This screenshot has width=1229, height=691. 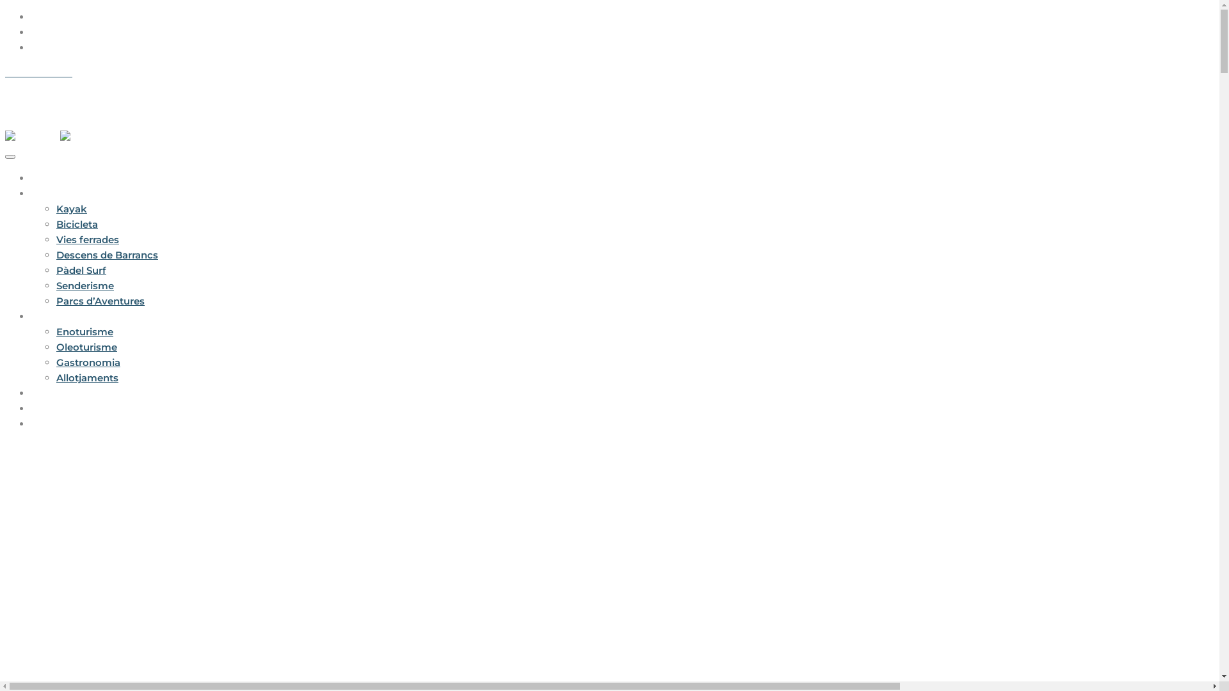 What do you see at coordinates (55, 362) in the screenshot?
I see `'Gastronomia'` at bounding box center [55, 362].